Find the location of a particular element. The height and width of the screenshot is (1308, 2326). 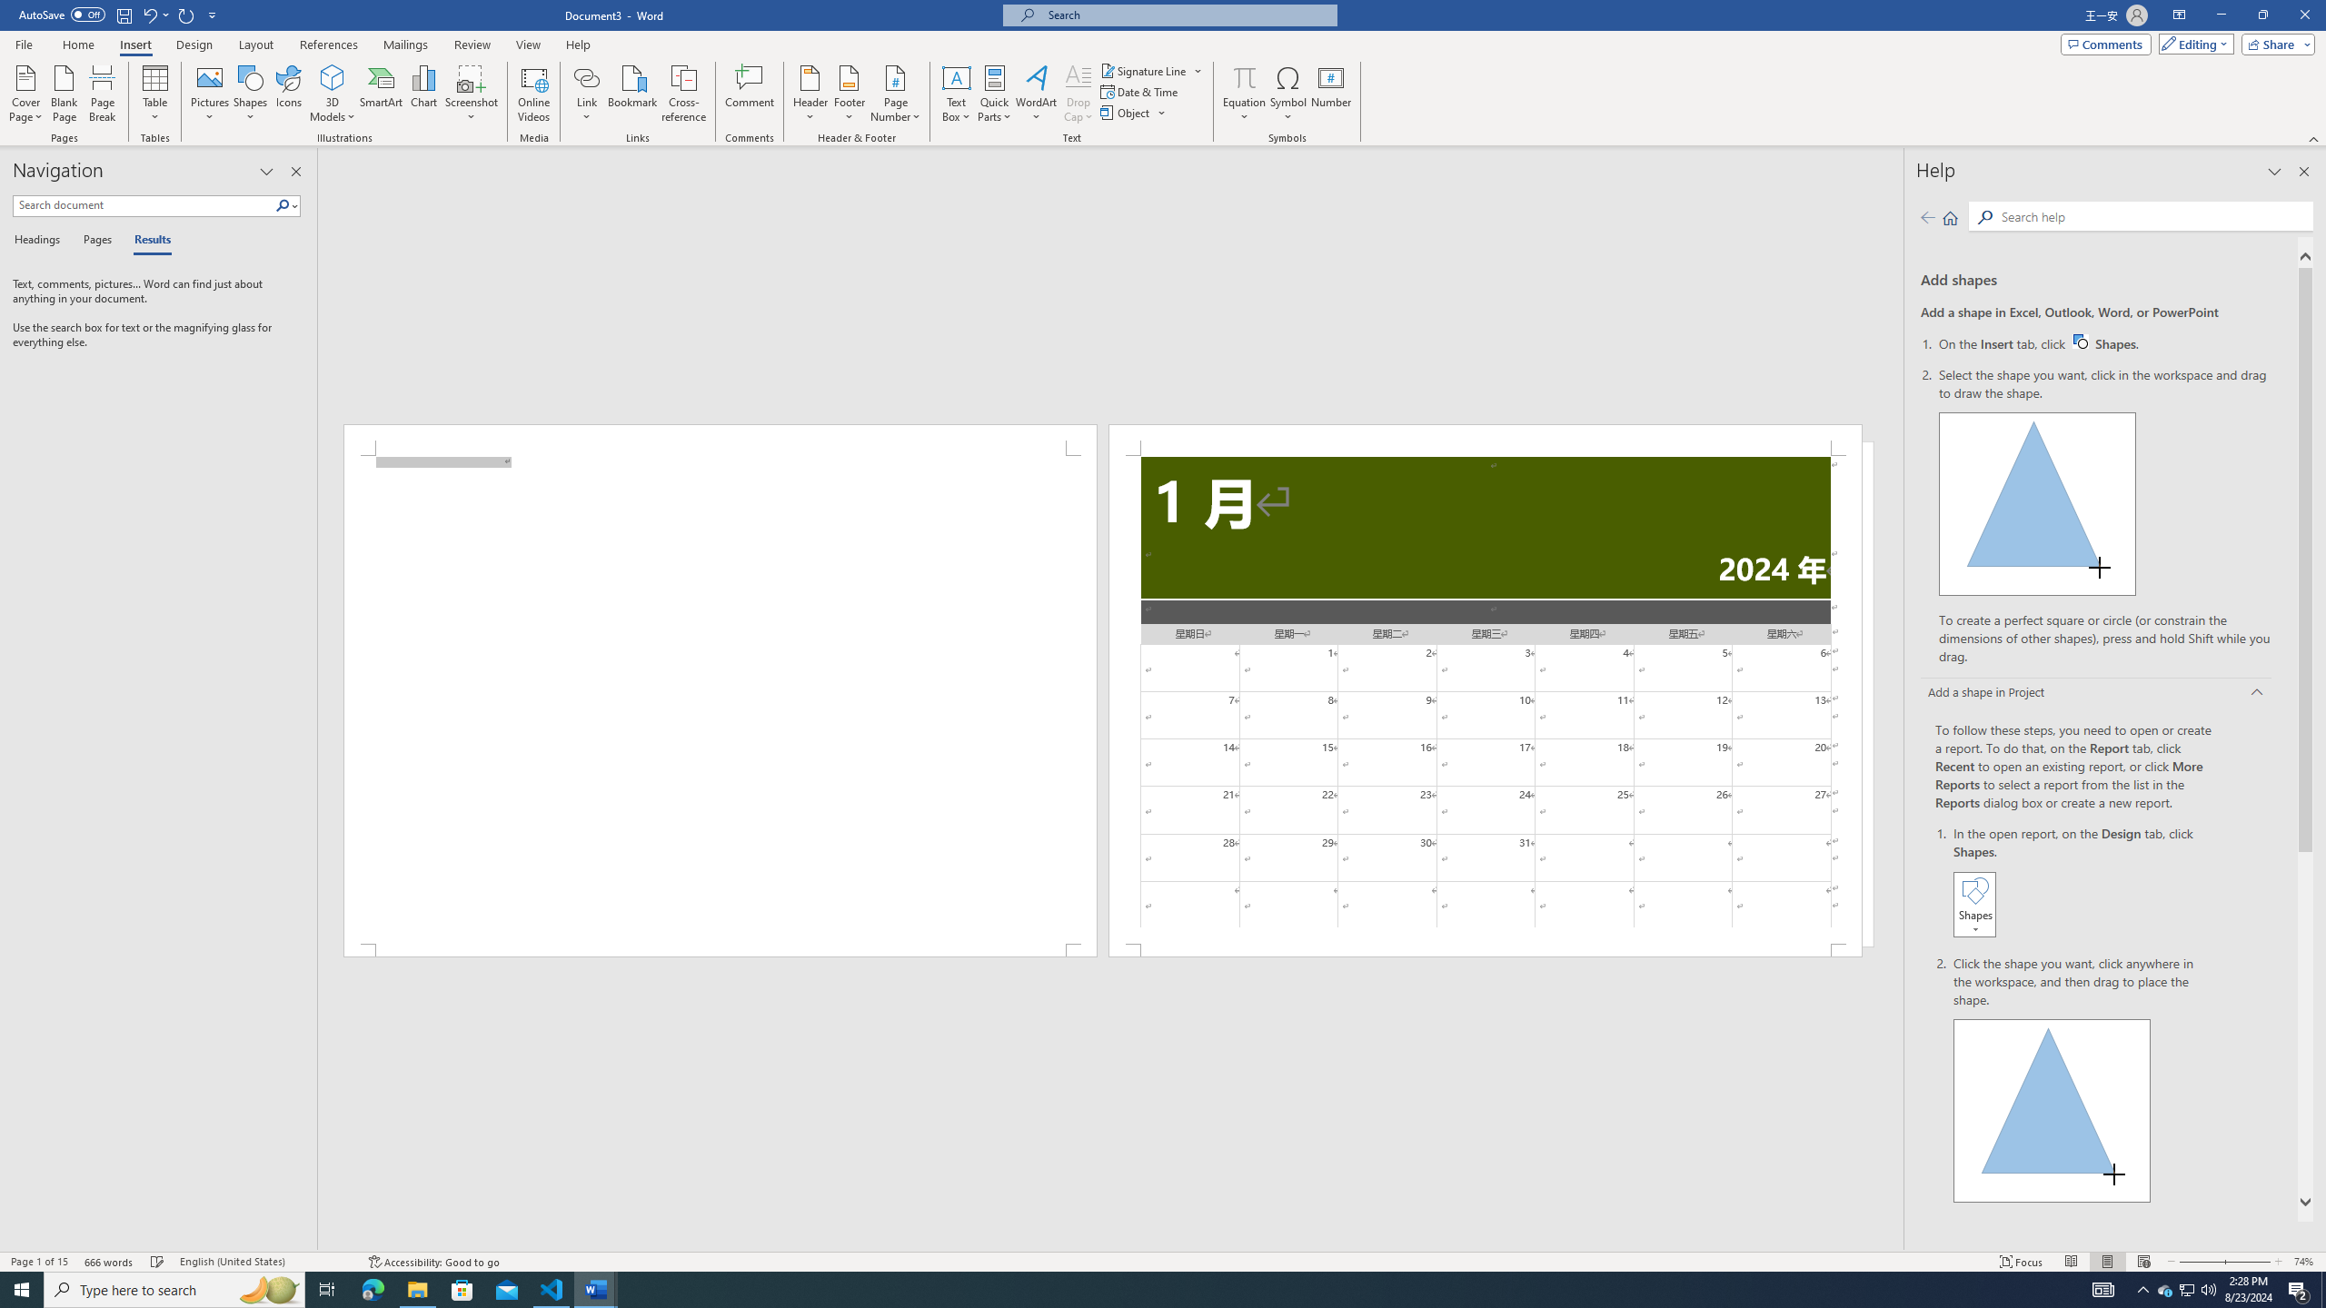

'Cover Page' is located at coordinates (25, 94).